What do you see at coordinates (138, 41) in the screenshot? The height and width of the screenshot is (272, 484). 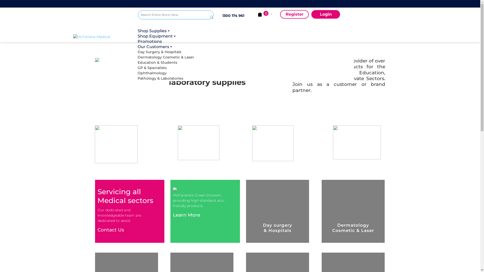 I see `'Promotions'` at bounding box center [138, 41].